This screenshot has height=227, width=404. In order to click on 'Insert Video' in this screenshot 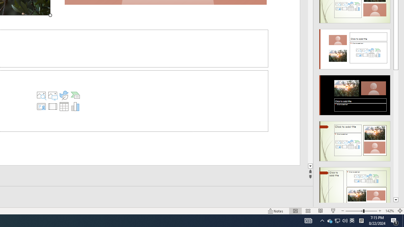, I will do `click(53, 106)`.